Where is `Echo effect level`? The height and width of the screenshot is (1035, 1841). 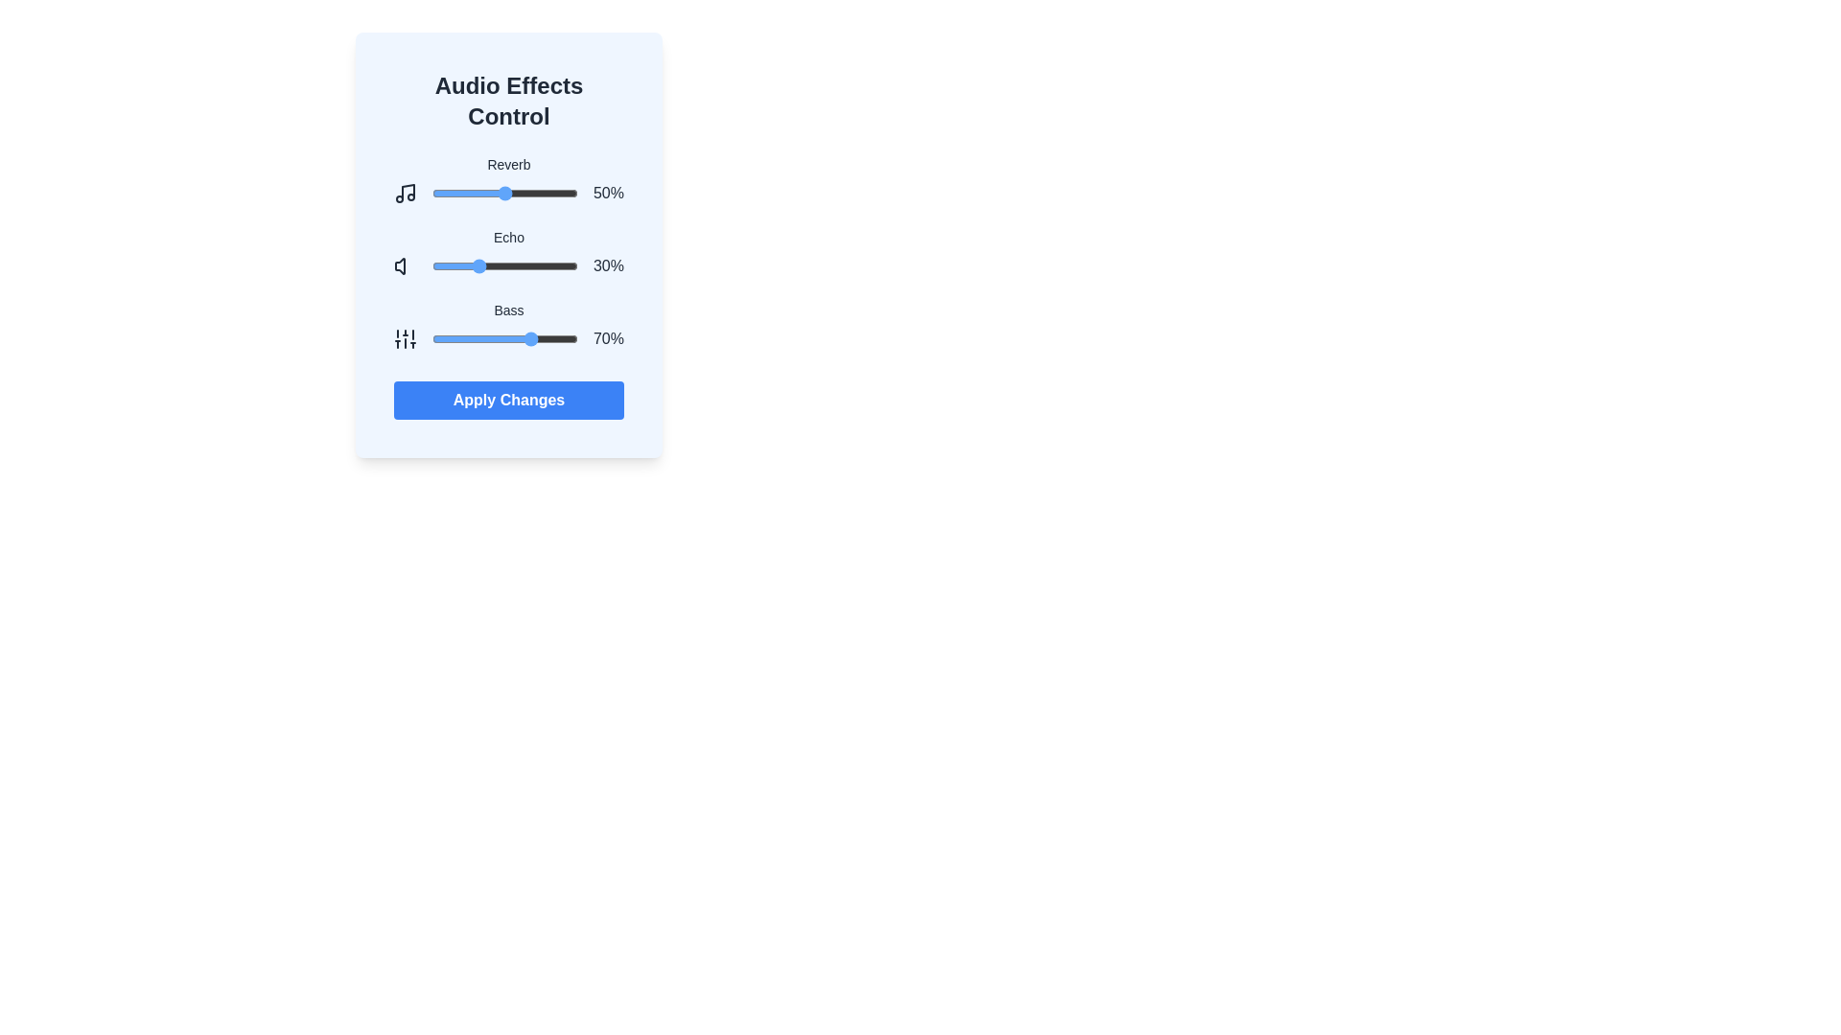 Echo effect level is located at coordinates (512, 265).